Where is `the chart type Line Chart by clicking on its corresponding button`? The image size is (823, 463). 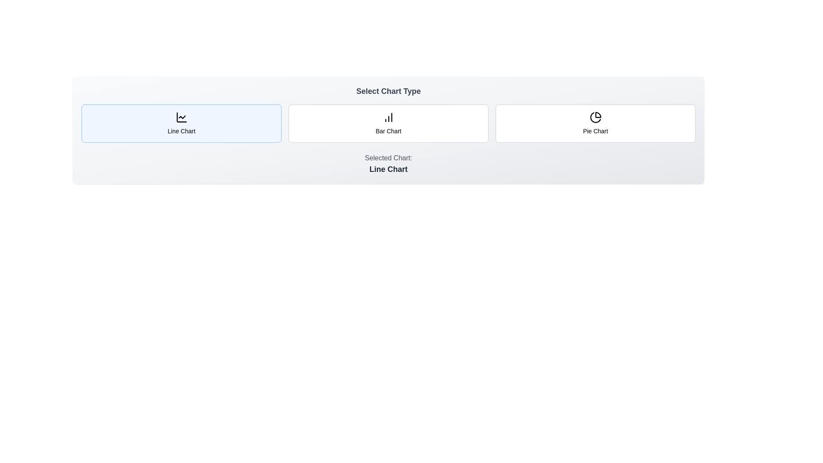
the chart type Line Chart by clicking on its corresponding button is located at coordinates (181, 123).